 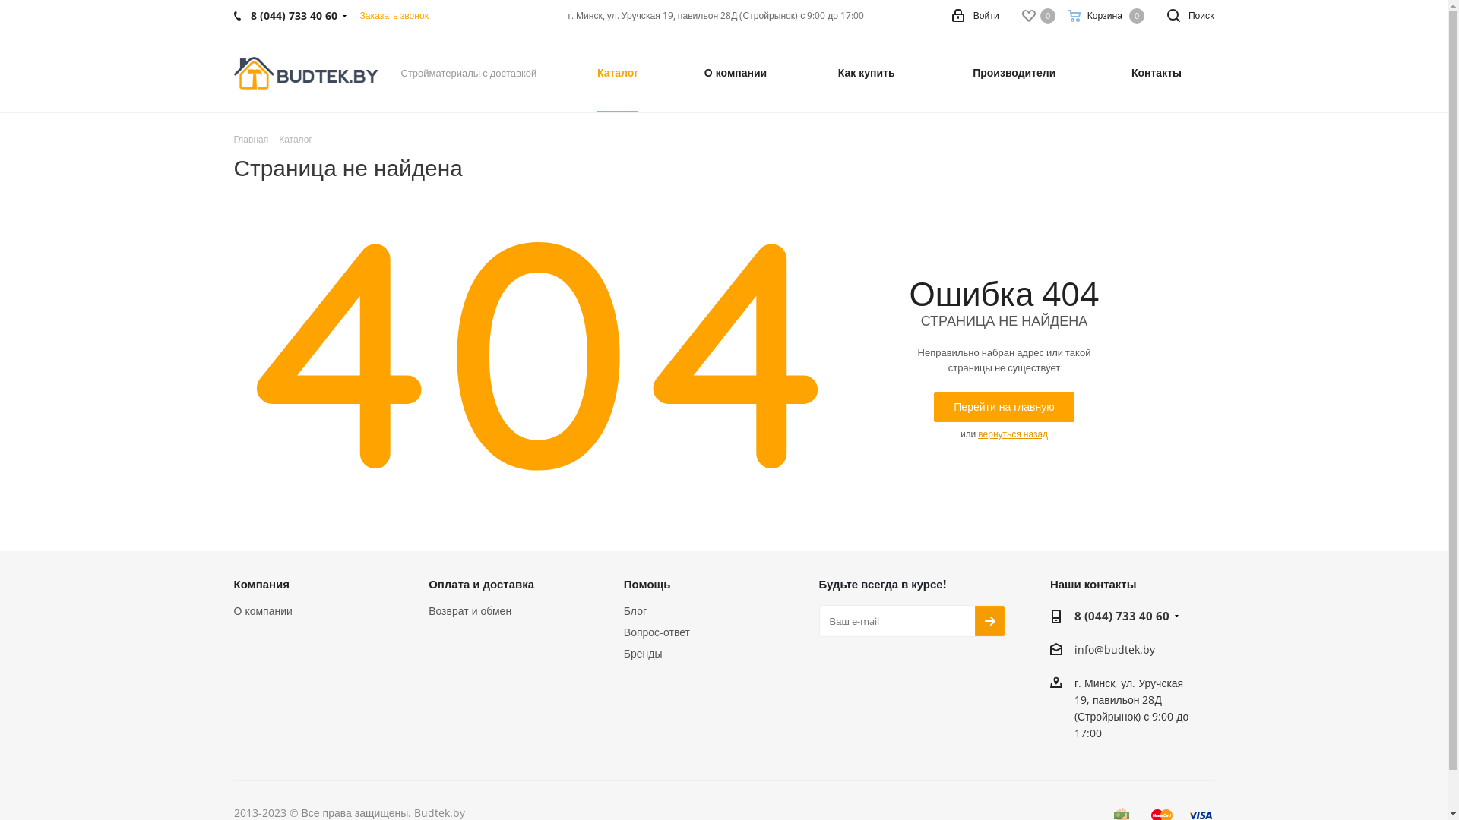 What do you see at coordinates (1115, 649) in the screenshot?
I see `'info@budtek.by'` at bounding box center [1115, 649].